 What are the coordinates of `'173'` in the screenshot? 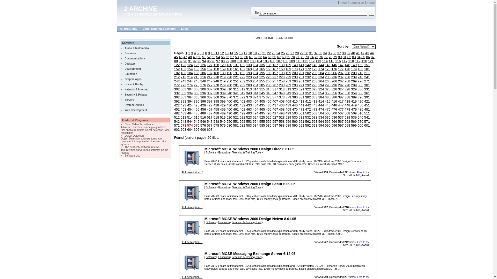 It's located at (314, 69).